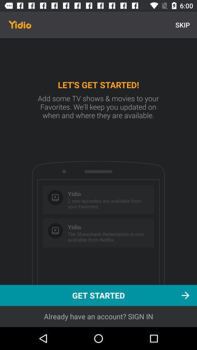  Describe the element at coordinates (182, 25) in the screenshot. I see `skip icon` at that location.